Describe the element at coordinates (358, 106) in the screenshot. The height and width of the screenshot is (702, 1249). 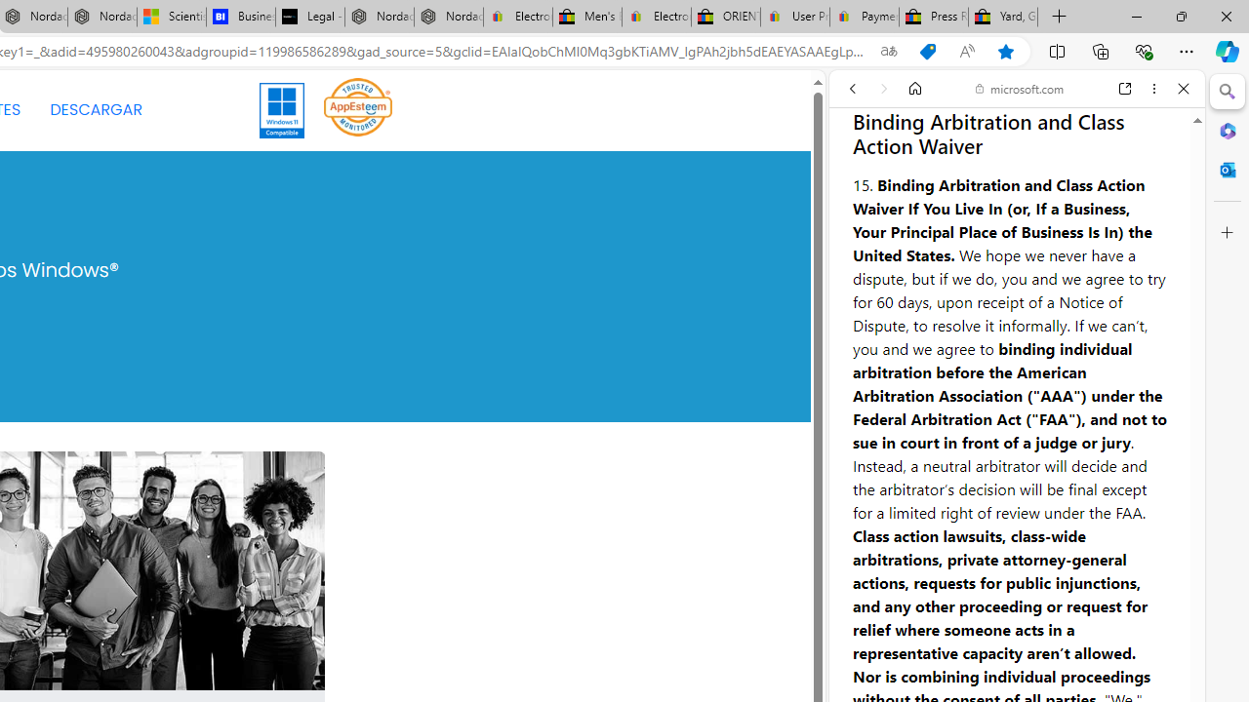
I see `'App Esteem'` at that location.